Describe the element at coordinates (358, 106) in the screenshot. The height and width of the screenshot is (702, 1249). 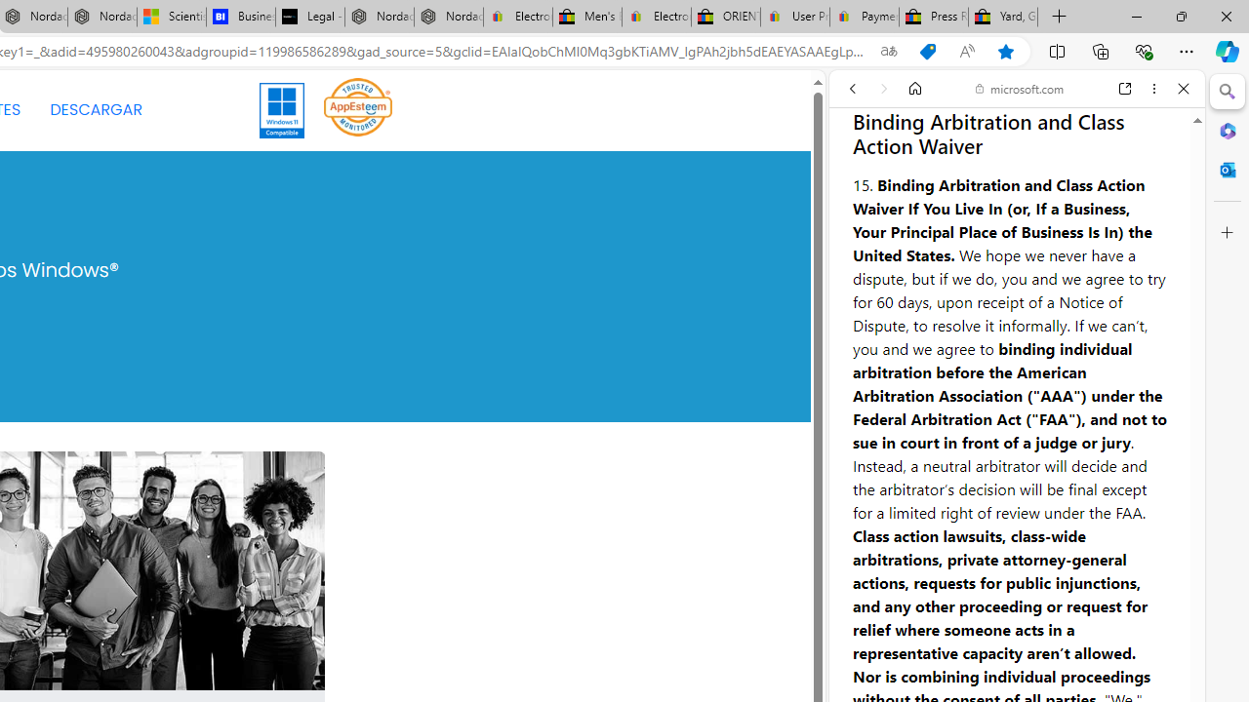
I see `'App Esteem'` at that location.